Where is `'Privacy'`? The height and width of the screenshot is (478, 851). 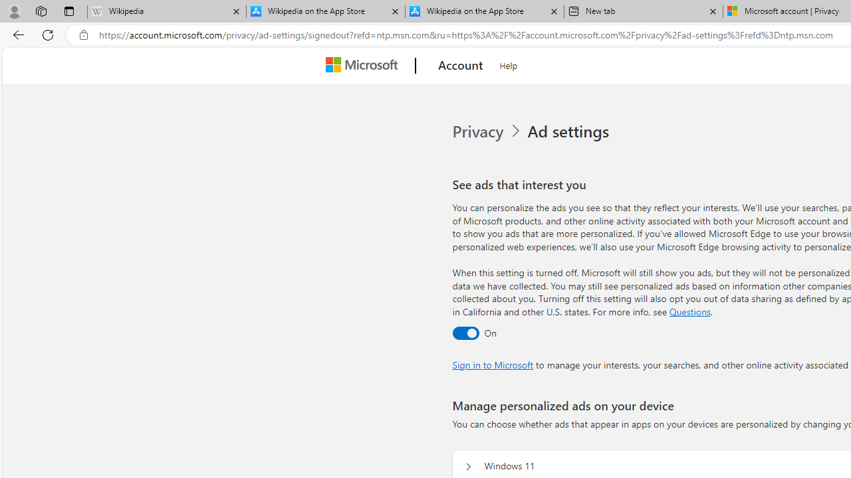
'Privacy' is located at coordinates (487, 131).